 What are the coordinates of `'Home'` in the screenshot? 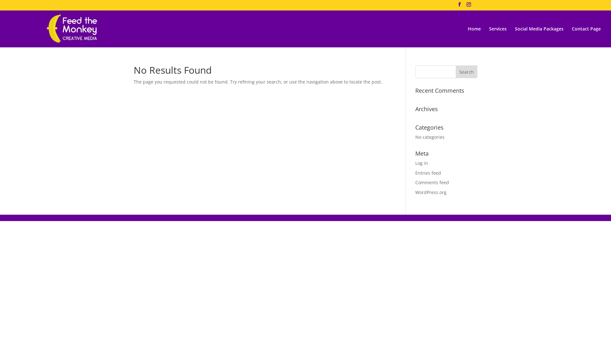 It's located at (474, 37).